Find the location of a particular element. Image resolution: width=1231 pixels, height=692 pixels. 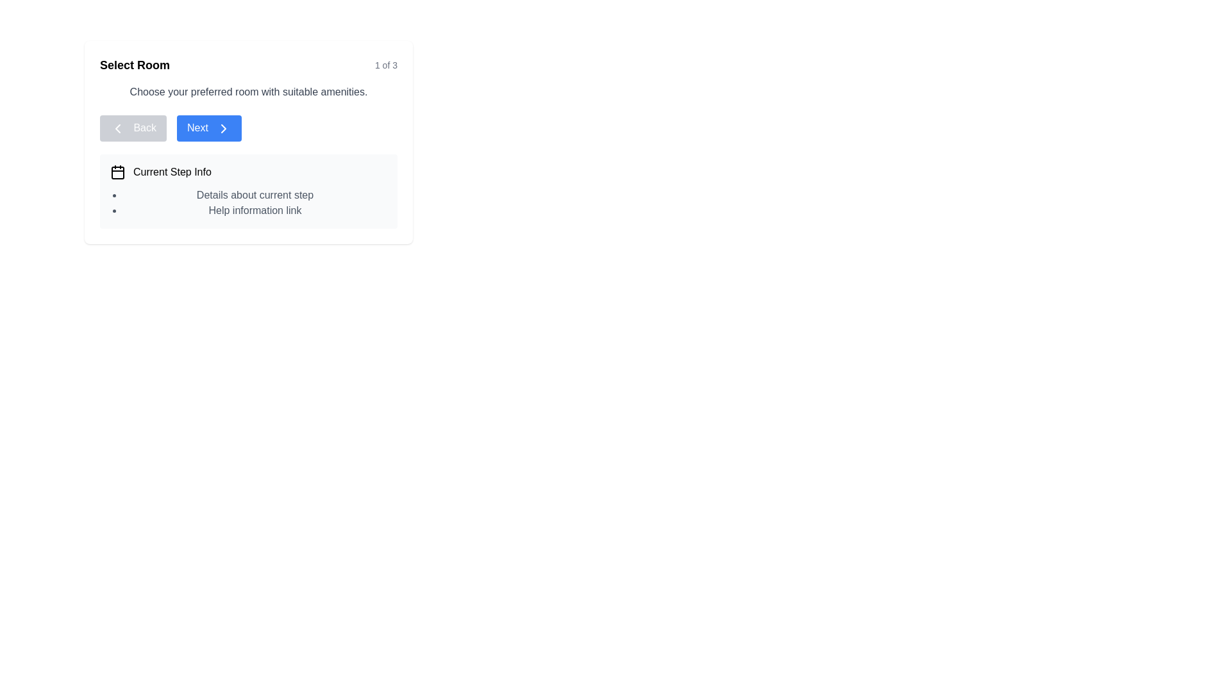

the button labeled 'Next' located to the right of the 'Back' button within the 'Select Room' section to advance to the next step in the workflow is located at coordinates (209, 128).